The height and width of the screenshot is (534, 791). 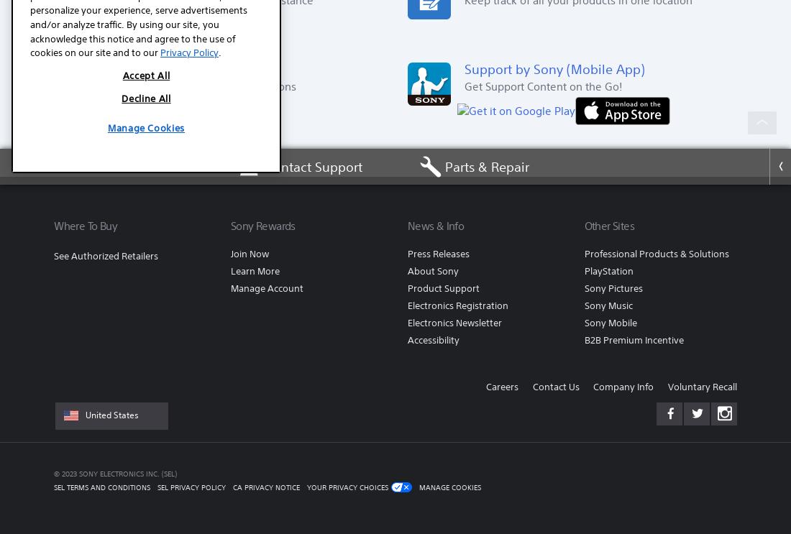 What do you see at coordinates (623, 387) in the screenshot?
I see `'Company Info'` at bounding box center [623, 387].